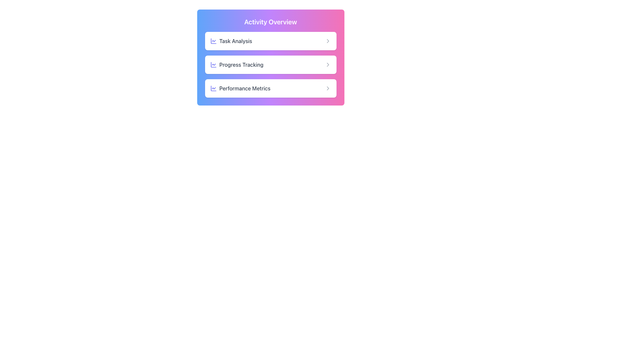 Image resolution: width=631 pixels, height=355 pixels. Describe the element at coordinates (270, 41) in the screenshot. I see `the clickable card labeled 'Task Analysis', which is the first card in the vertical stack under 'Activity Overview'` at that location.